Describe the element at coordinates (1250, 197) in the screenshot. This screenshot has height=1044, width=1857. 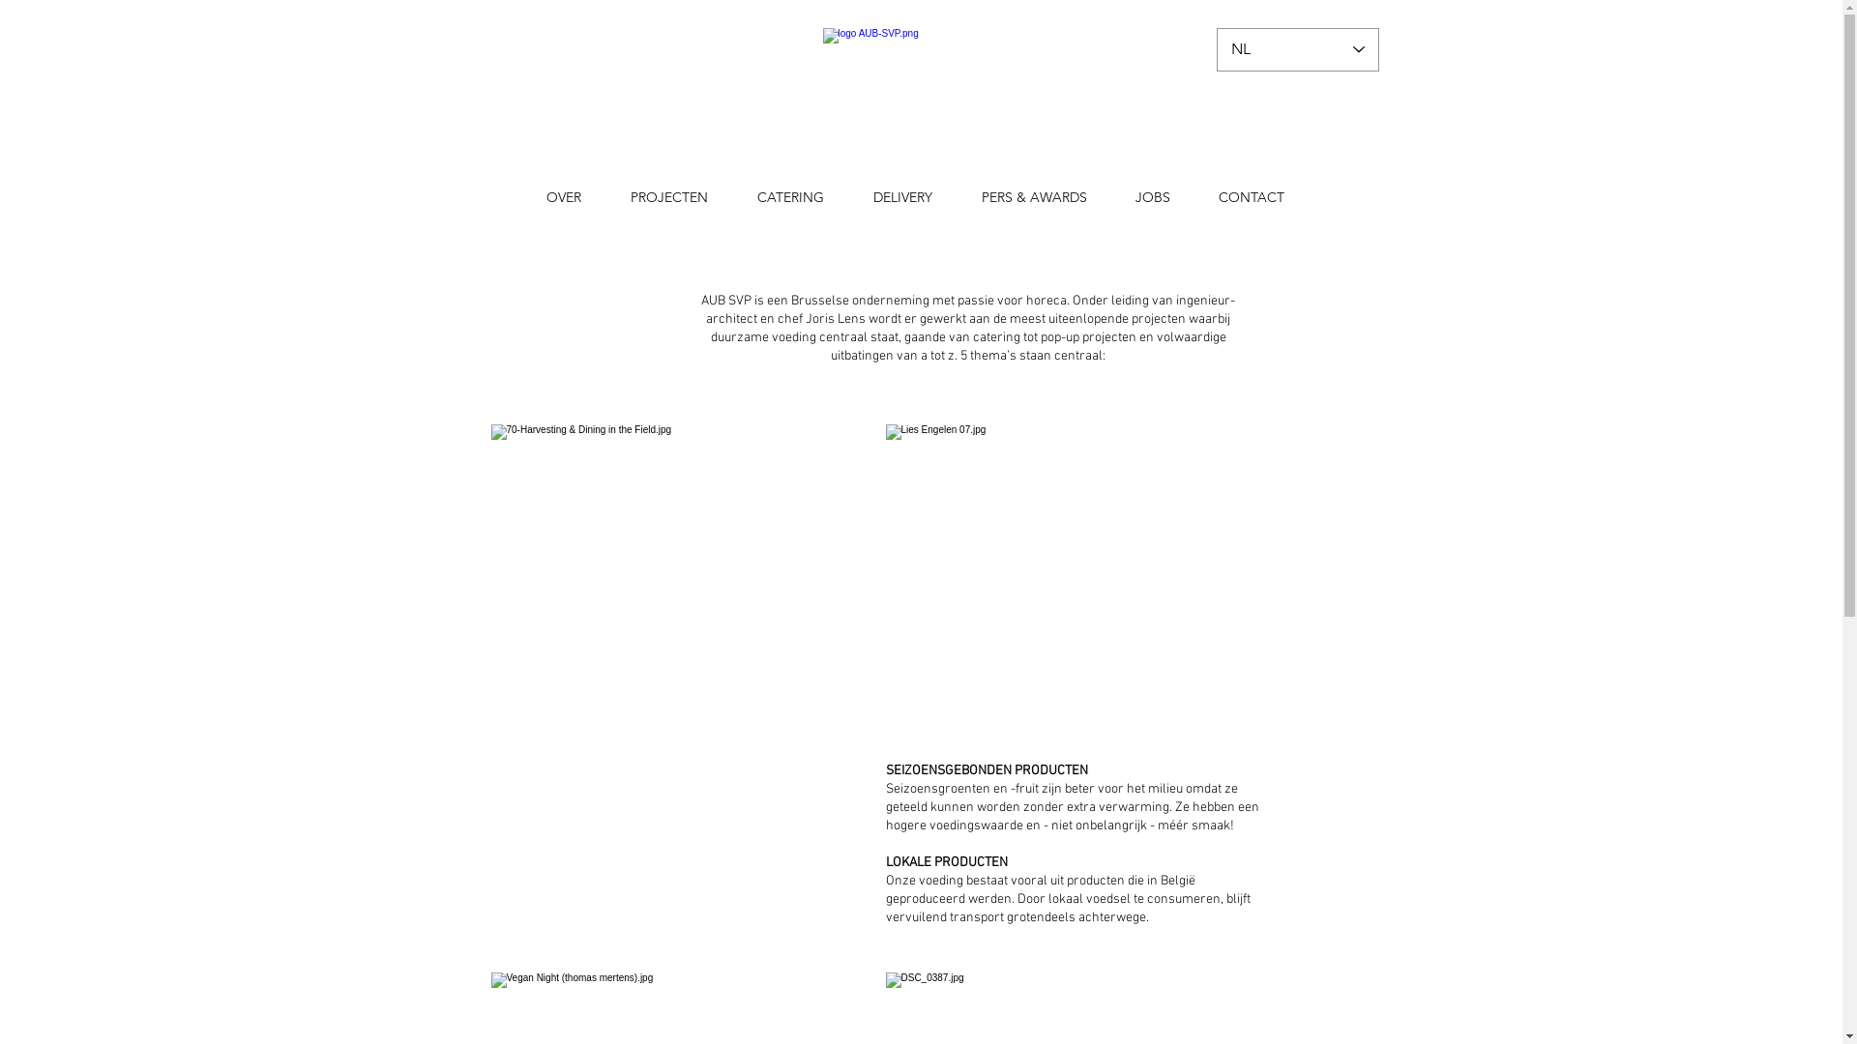
I see `'CONTACT'` at that location.